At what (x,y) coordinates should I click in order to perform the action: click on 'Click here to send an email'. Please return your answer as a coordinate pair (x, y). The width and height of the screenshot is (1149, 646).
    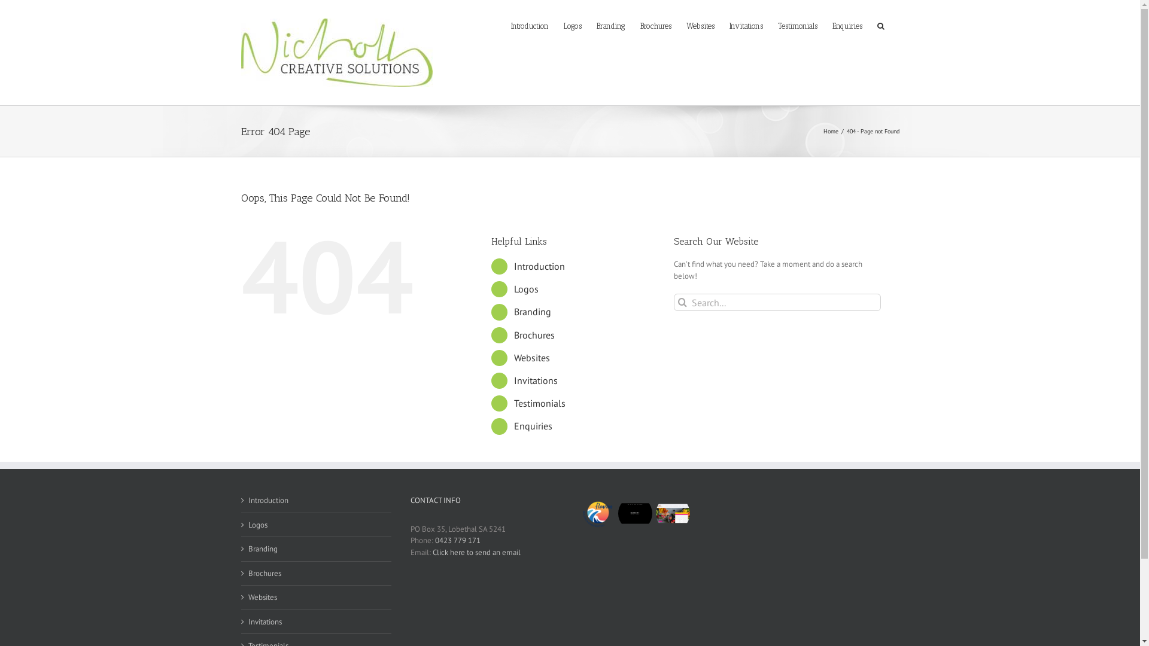
    Looking at the image, I should click on (475, 551).